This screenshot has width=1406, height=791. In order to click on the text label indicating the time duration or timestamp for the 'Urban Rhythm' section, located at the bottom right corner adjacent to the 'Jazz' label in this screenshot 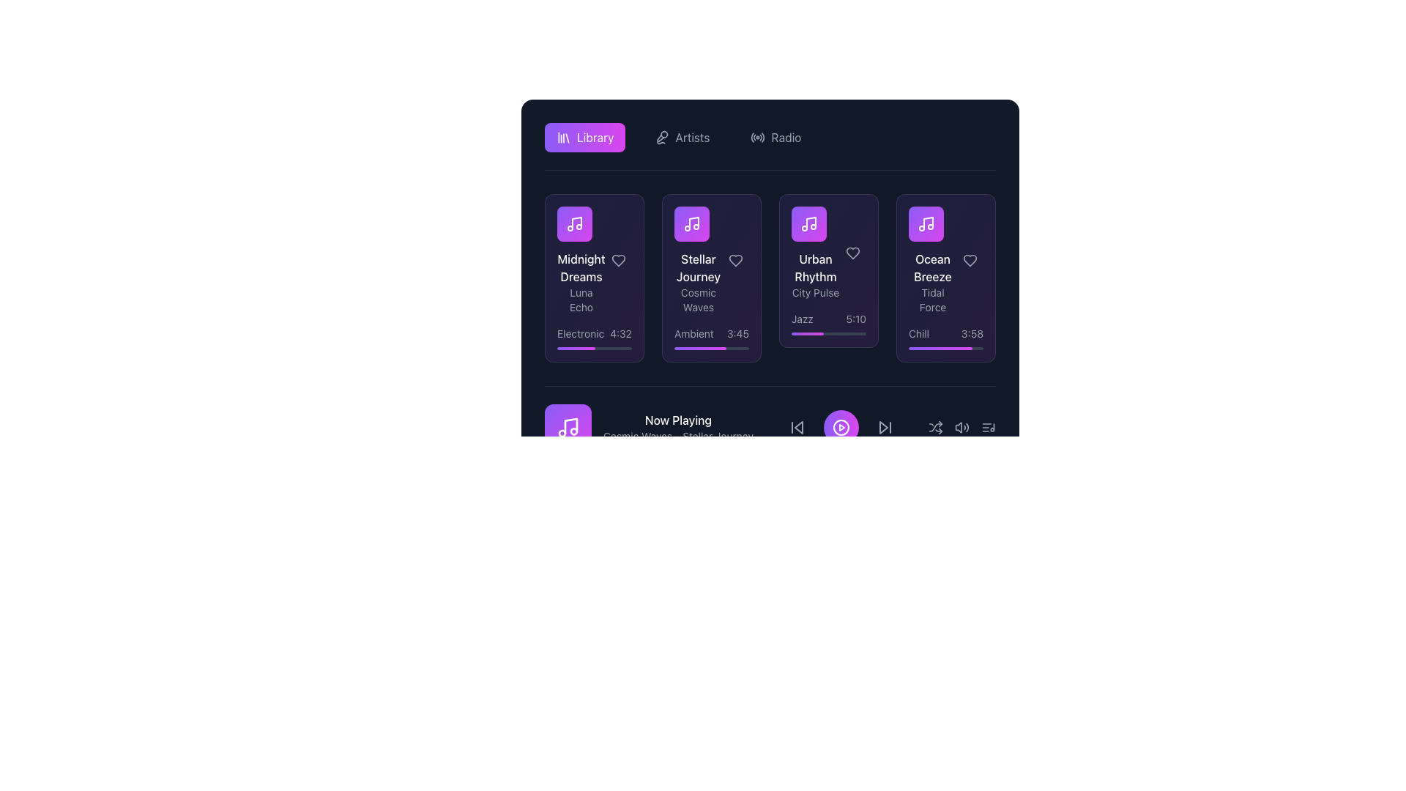, I will do `click(856, 318)`.